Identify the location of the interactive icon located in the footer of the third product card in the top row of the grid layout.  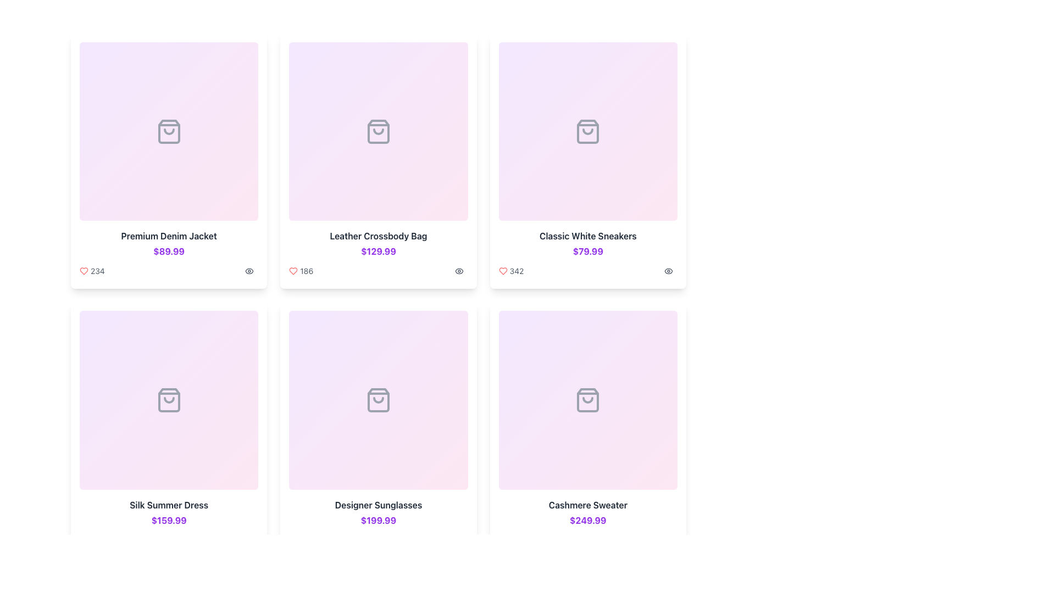
(249, 271).